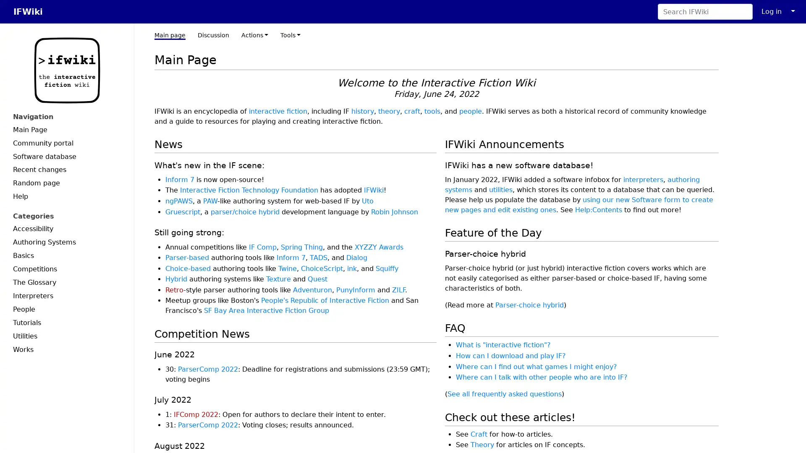  Describe the element at coordinates (772, 11) in the screenshot. I see `Log in` at that location.